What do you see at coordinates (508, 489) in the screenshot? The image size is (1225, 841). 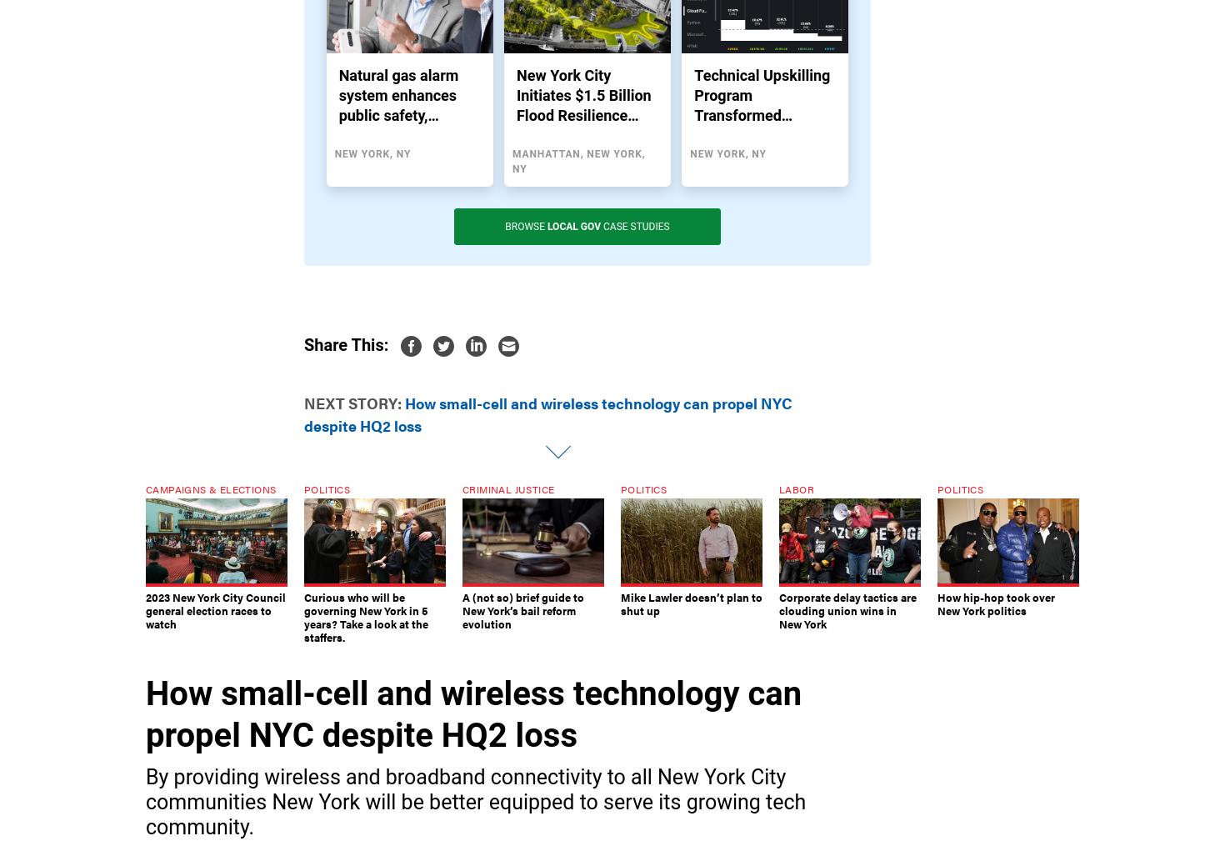 I see `'Criminal Justice'` at bounding box center [508, 489].